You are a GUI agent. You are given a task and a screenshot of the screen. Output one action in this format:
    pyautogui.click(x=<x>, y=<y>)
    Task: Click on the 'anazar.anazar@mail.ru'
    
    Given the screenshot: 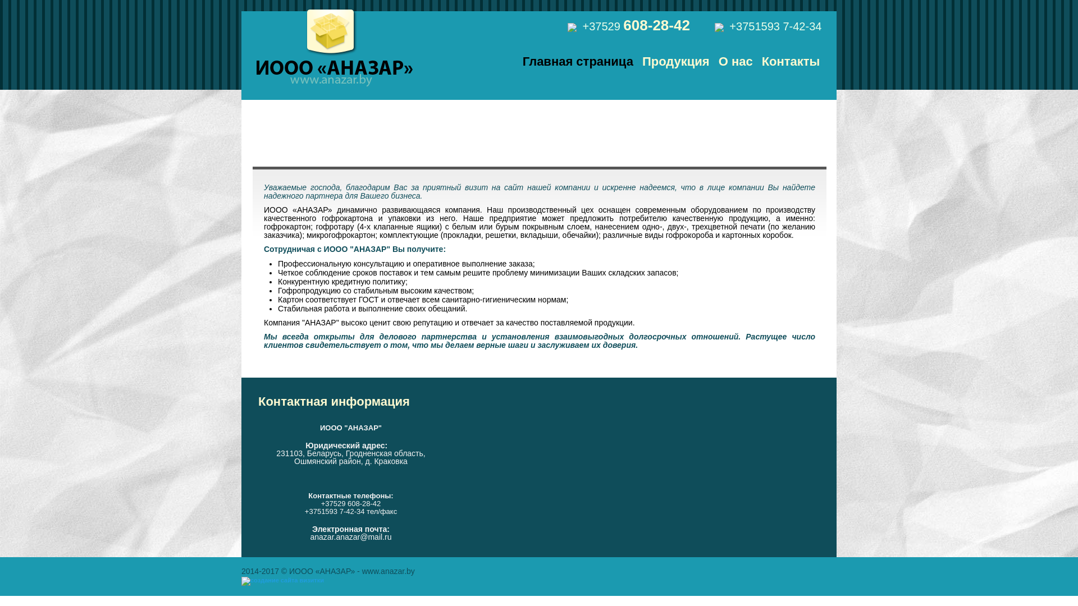 What is the action you would take?
    pyautogui.click(x=310, y=536)
    